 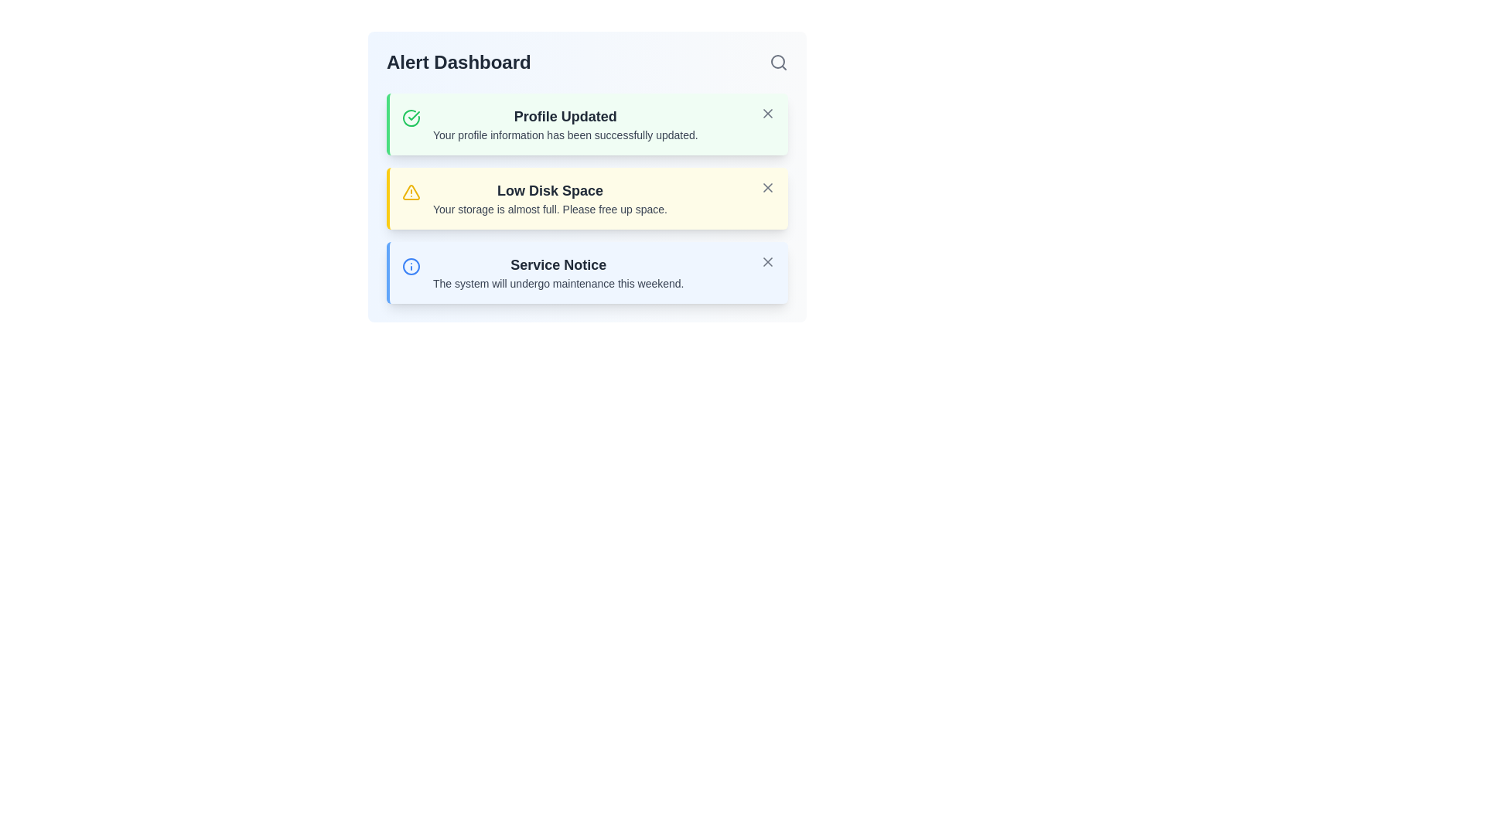 I want to click on the small gray 'X' button at the top-right corner of the 'Service Notice' notification card, so click(x=768, y=261).